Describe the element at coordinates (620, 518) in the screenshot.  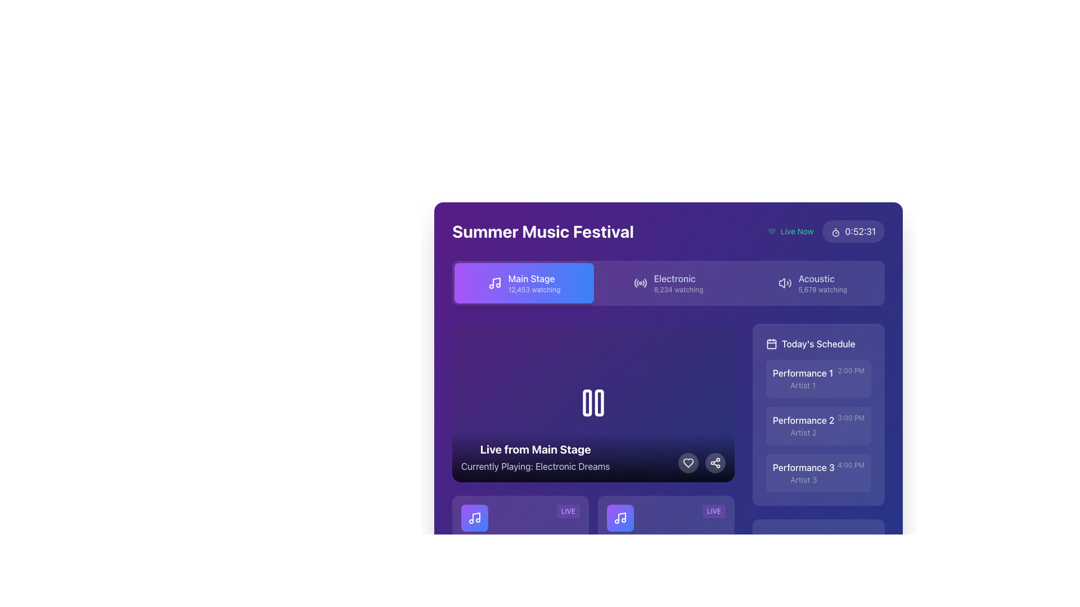
I see `the second button from the left, which has a gradient background from purple to blue and features a centered white music icon` at that location.